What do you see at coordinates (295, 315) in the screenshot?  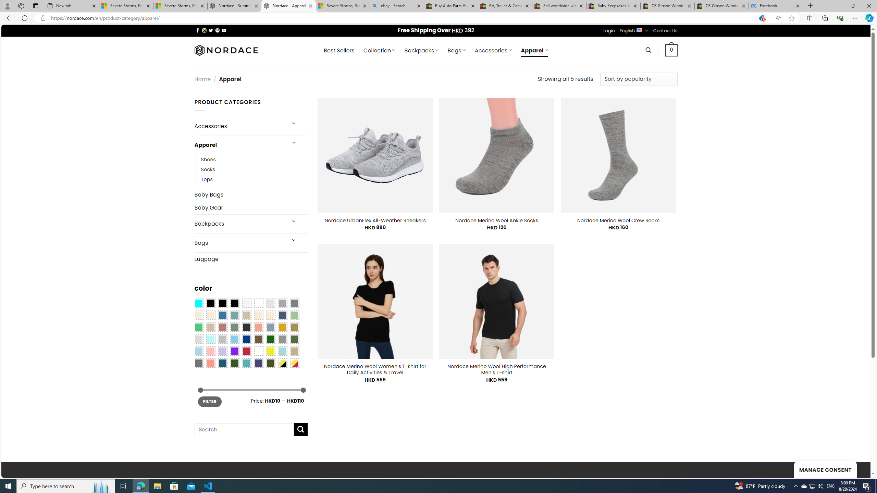 I see `'Light Green'` at bounding box center [295, 315].